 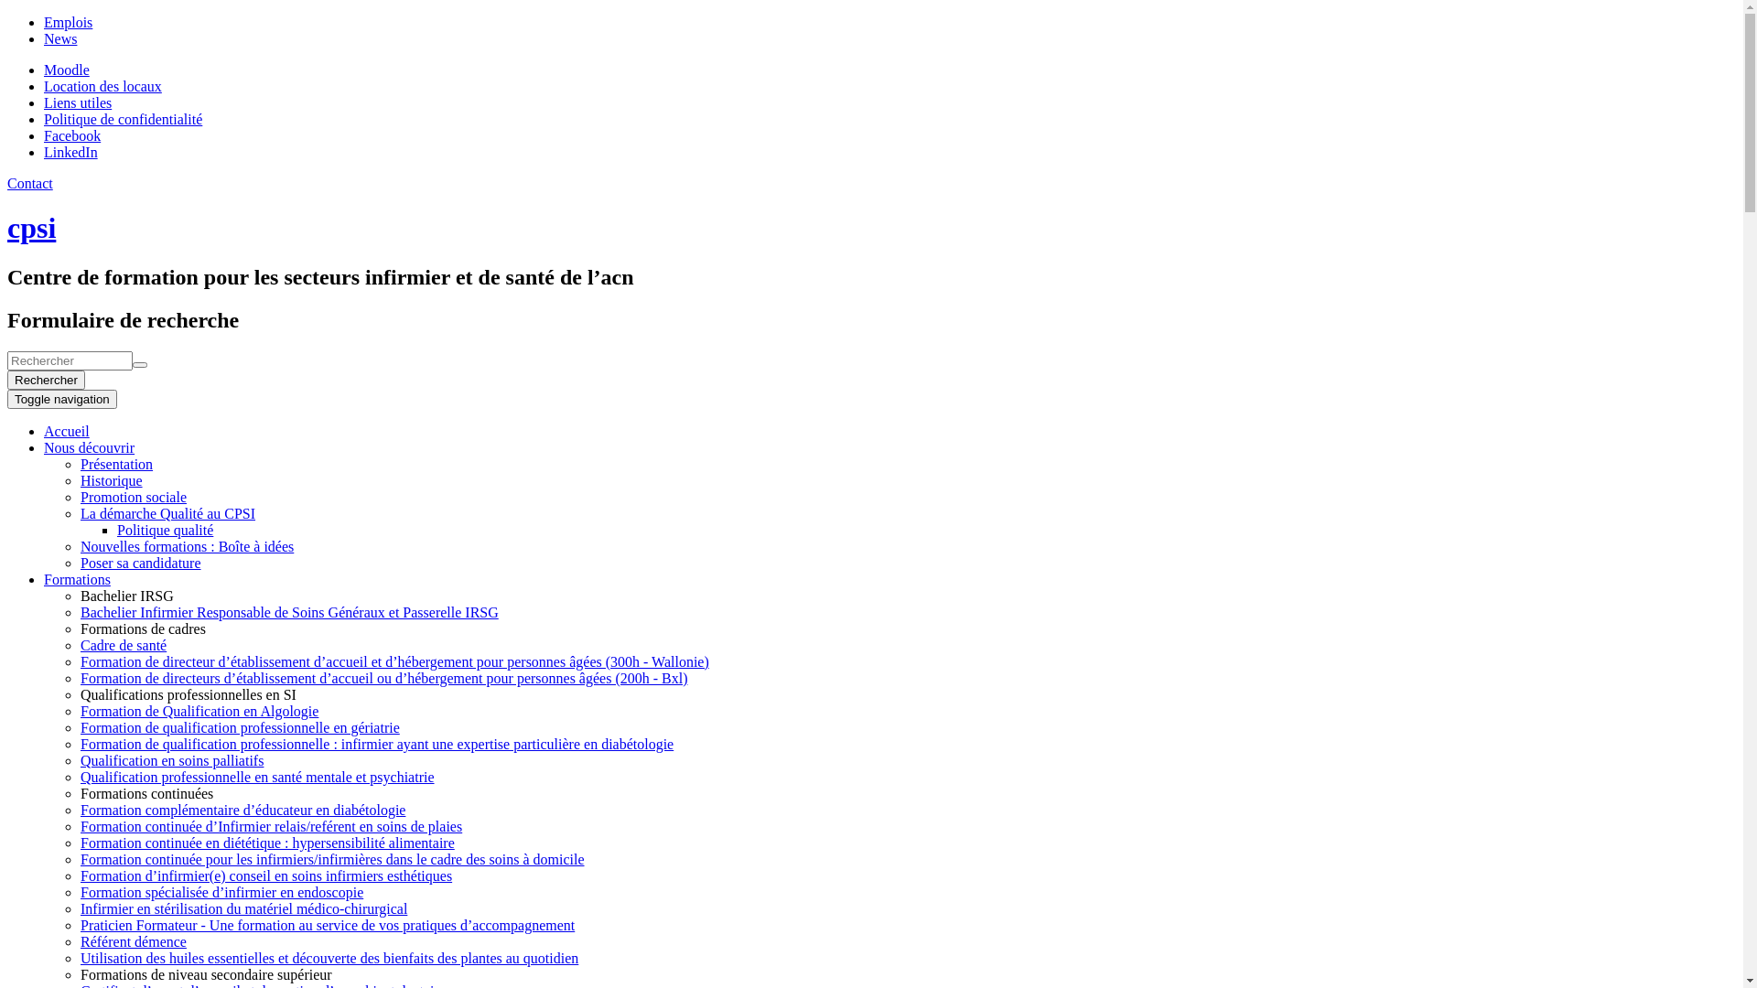 What do you see at coordinates (110, 479) in the screenshot?
I see `'Historique'` at bounding box center [110, 479].